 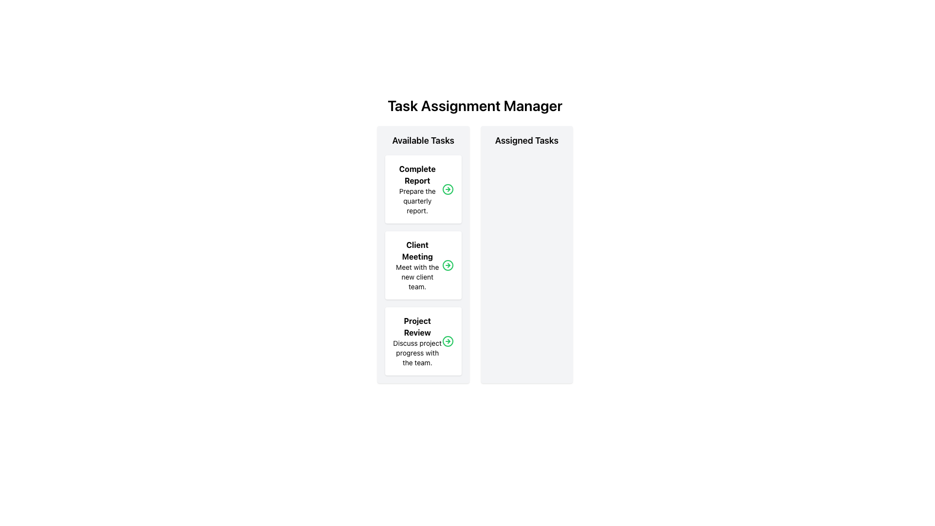 I want to click on the action button located at the bottom-right corner of the card containing the text 'Discuss project progress with the team', so click(x=447, y=341).